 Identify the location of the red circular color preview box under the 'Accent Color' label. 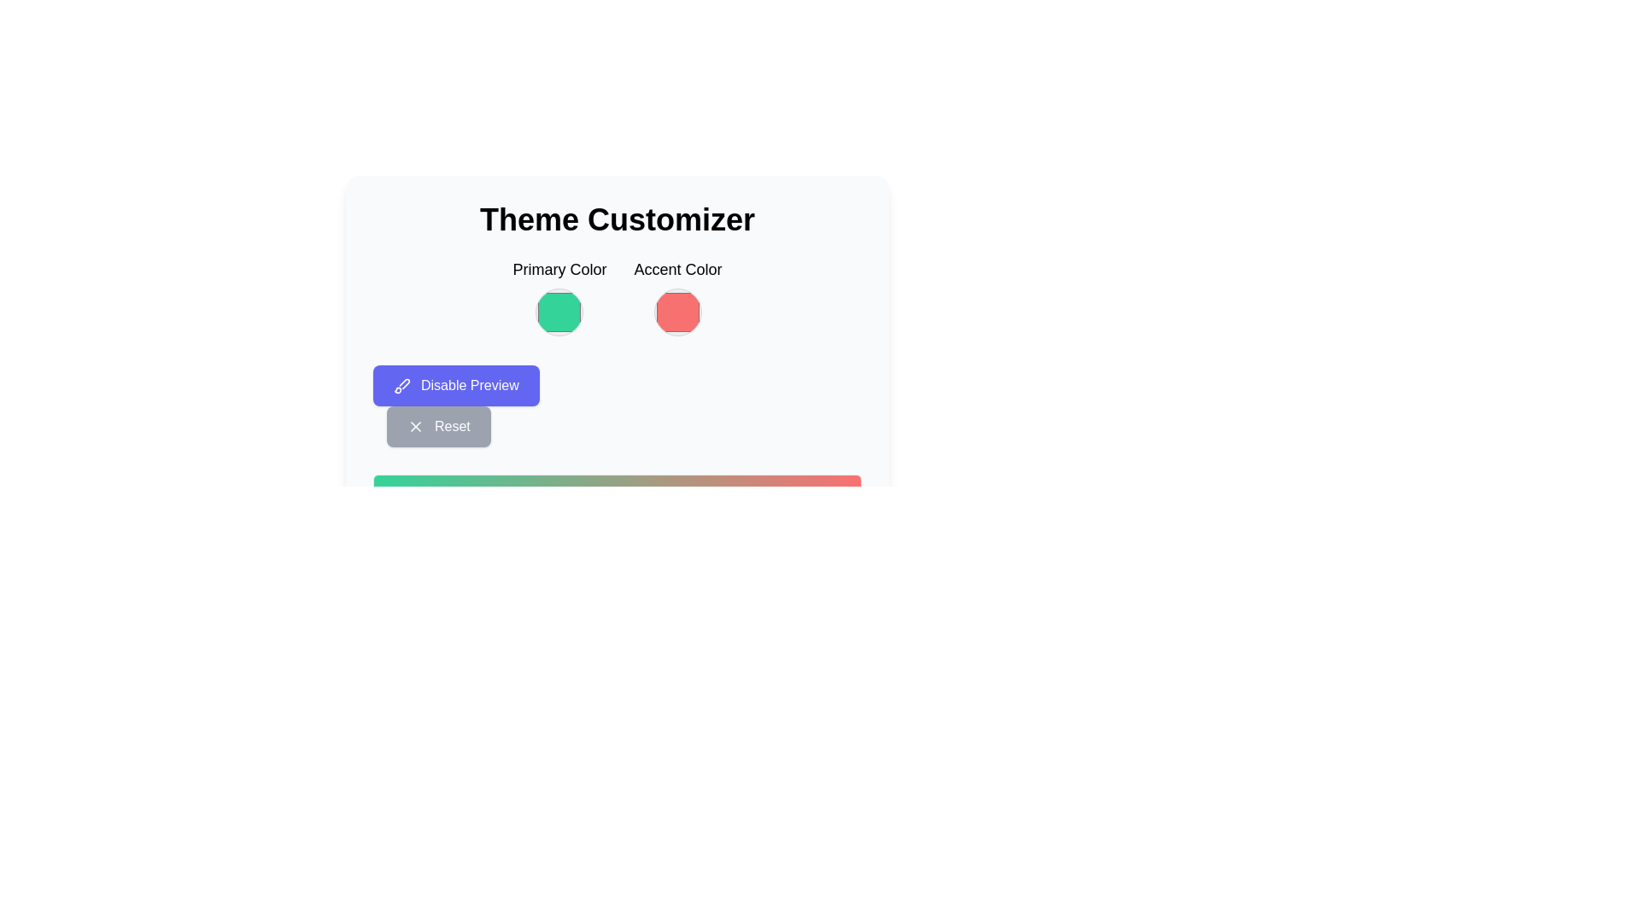
(676, 296).